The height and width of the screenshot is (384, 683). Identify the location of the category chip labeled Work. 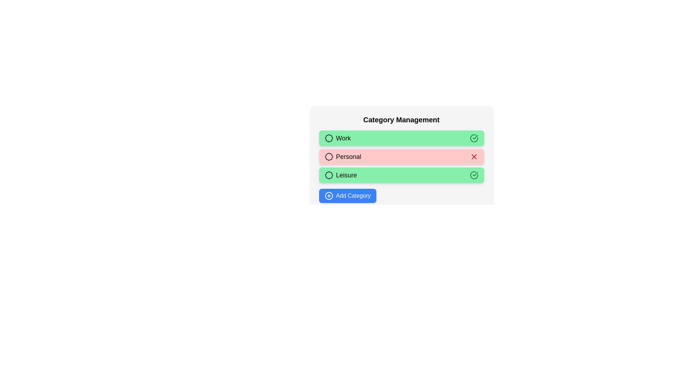
(401, 138).